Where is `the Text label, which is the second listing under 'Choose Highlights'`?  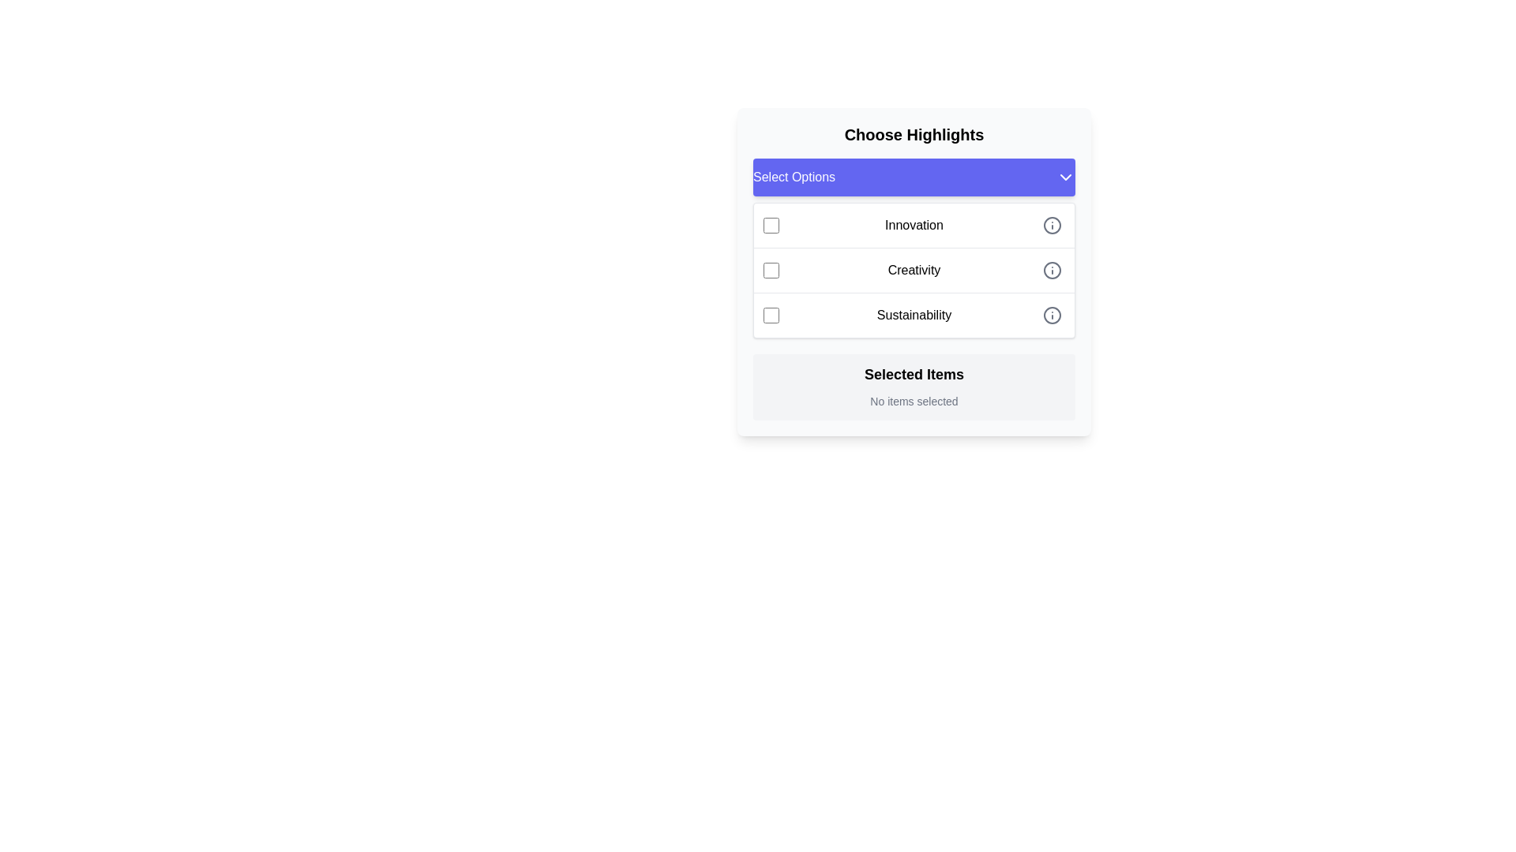
the Text label, which is the second listing under 'Choose Highlights' is located at coordinates (914, 270).